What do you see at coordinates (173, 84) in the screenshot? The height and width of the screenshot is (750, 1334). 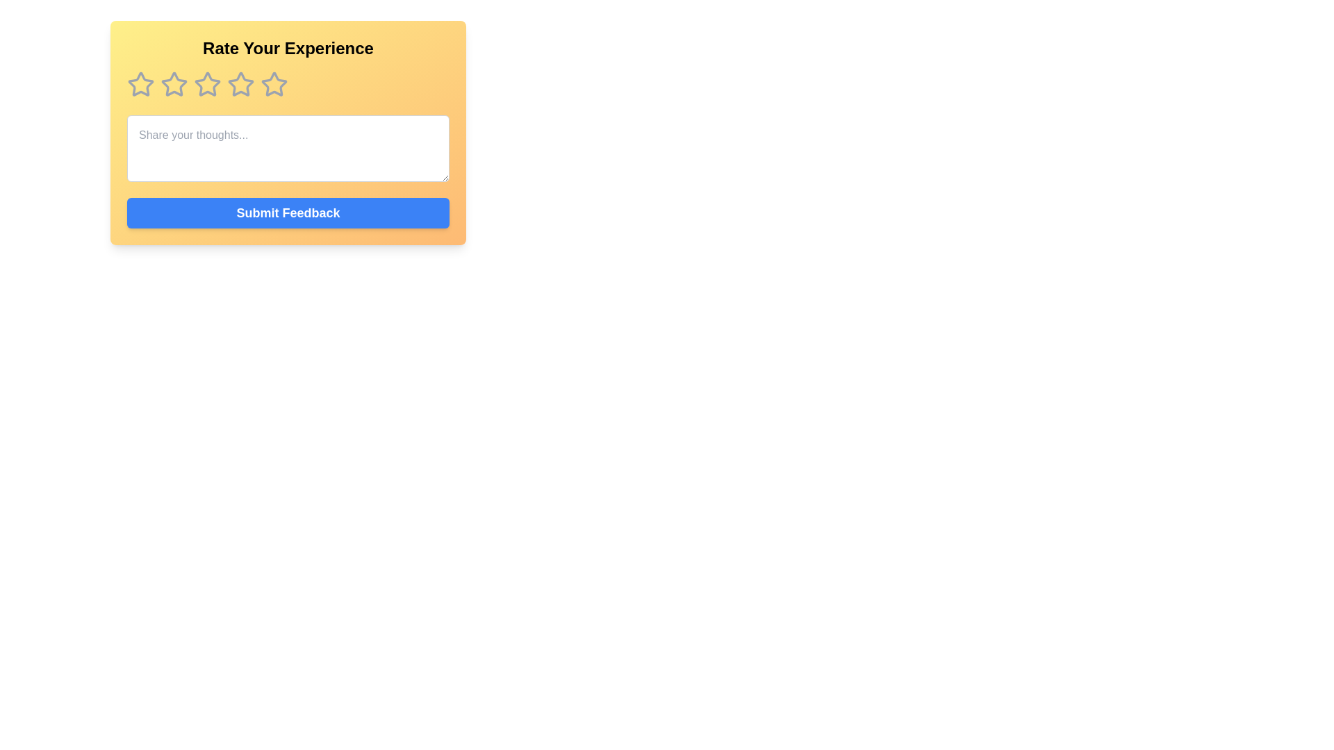 I see `the first rating star icon` at bounding box center [173, 84].